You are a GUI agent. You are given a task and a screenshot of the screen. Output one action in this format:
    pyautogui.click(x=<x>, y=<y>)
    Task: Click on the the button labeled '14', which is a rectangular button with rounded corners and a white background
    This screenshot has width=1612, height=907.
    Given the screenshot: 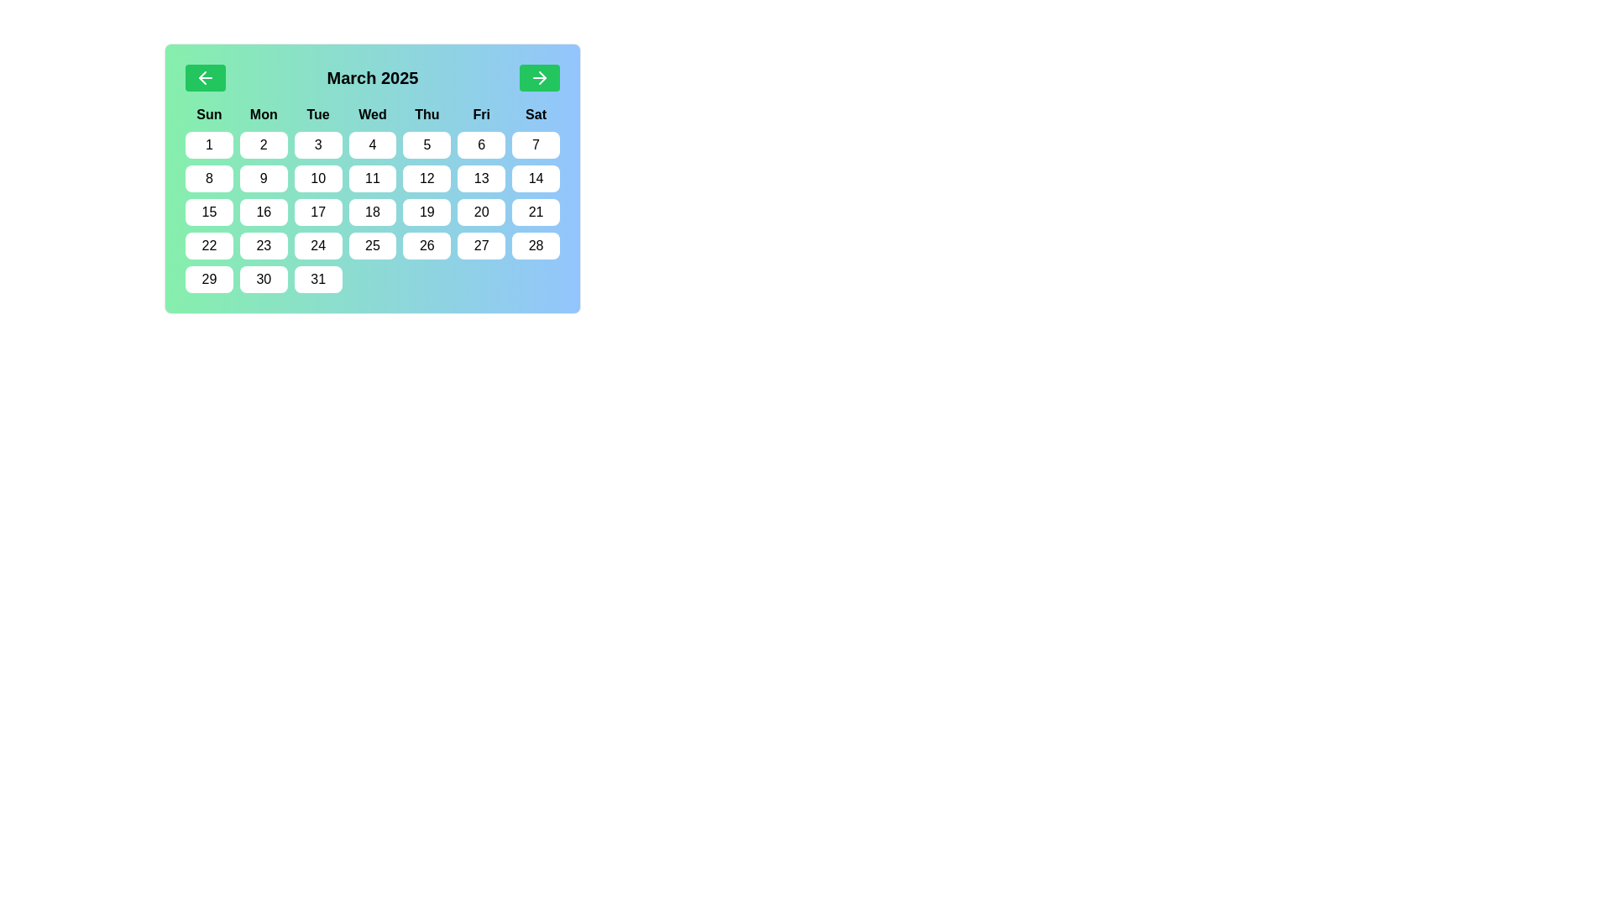 What is the action you would take?
    pyautogui.click(x=535, y=178)
    